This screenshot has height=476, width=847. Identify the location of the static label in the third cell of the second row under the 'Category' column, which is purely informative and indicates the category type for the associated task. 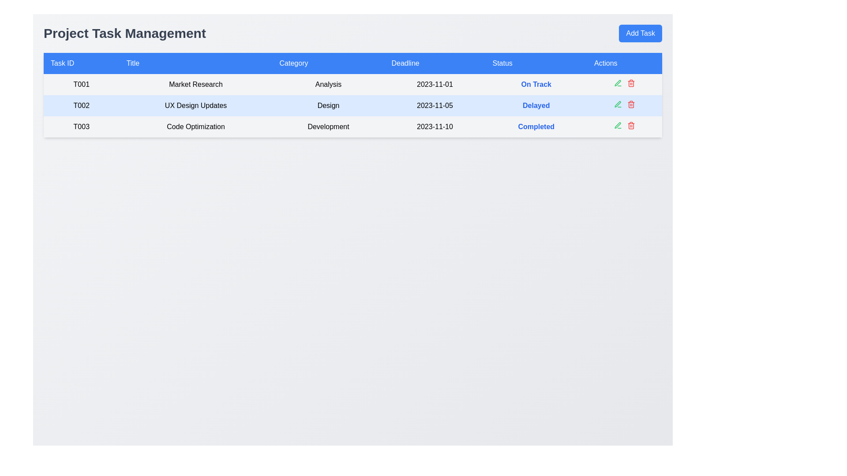
(328, 105).